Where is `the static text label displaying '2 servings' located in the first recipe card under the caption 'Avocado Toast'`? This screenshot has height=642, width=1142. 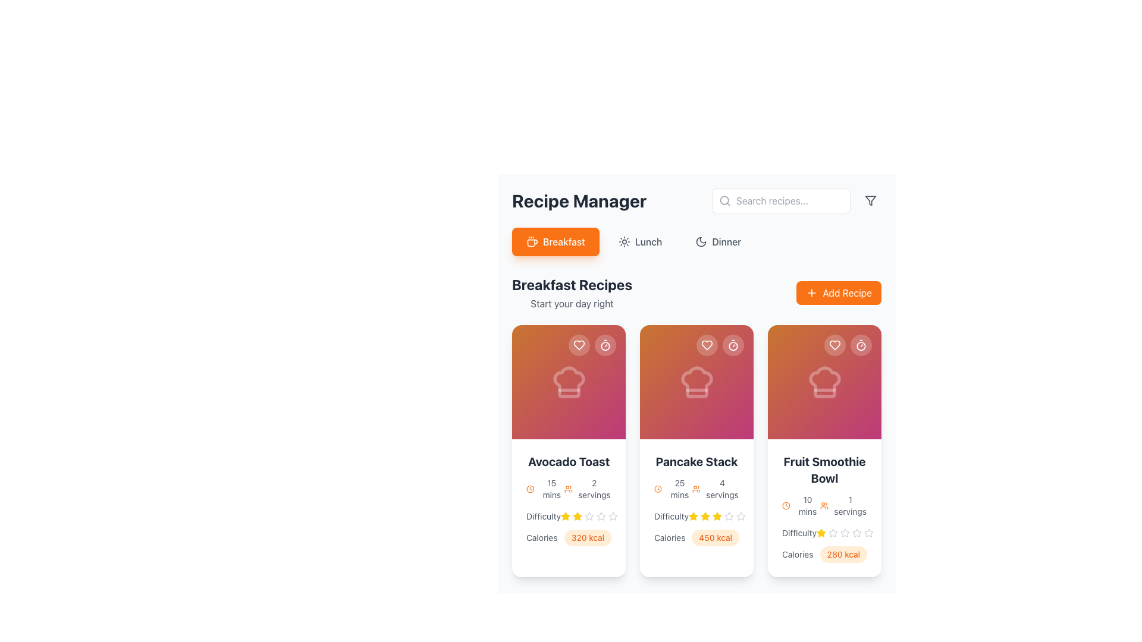
the static text label displaying '2 servings' located in the first recipe card under the caption 'Avocado Toast' is located at coordinates (594, 489).